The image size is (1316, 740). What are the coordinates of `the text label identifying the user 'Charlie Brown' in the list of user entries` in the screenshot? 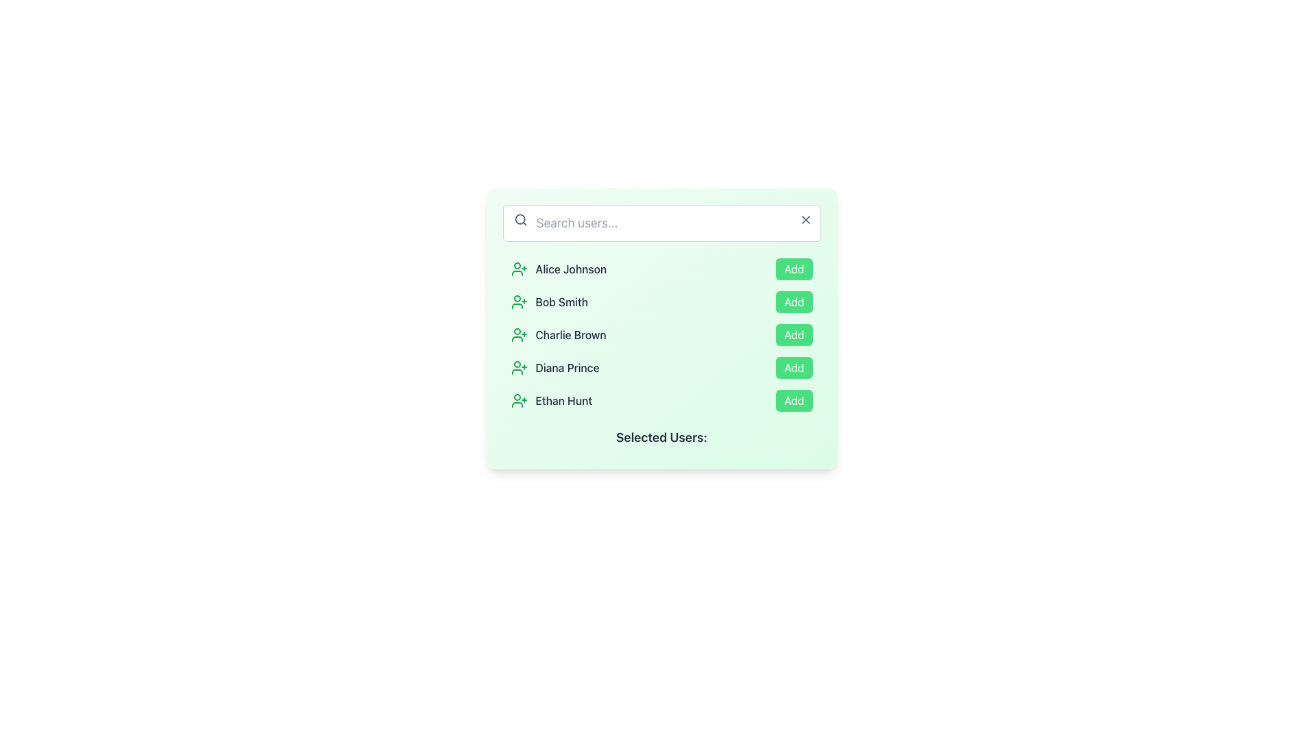 It's located at (559, 335).